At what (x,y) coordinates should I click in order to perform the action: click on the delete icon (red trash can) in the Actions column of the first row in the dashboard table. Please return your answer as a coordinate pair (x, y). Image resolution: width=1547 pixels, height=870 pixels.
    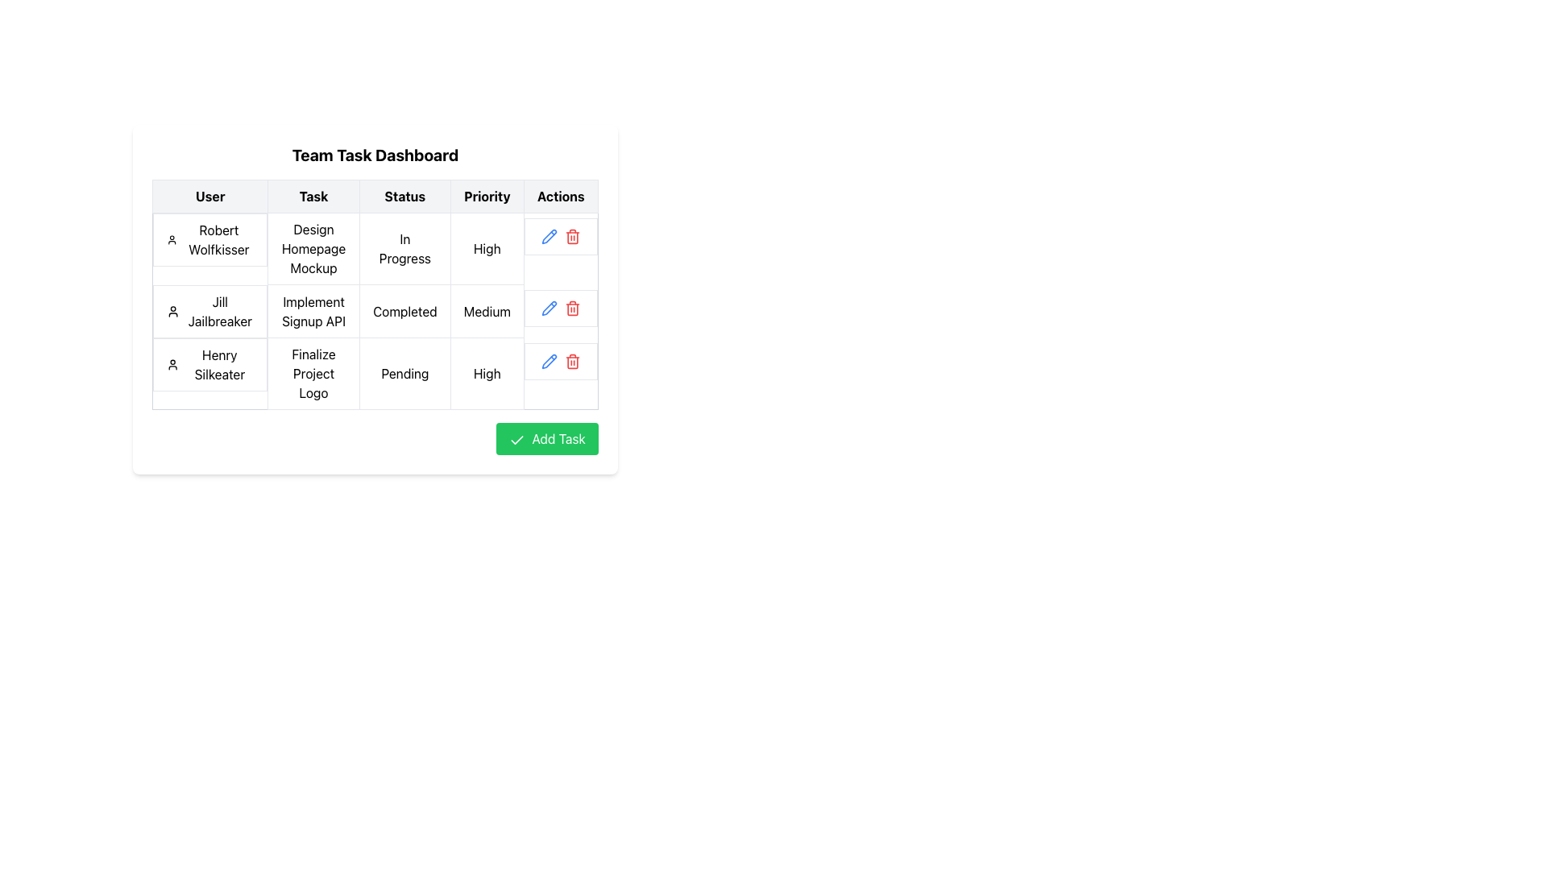
    Looking at the image, I should click on (561, 236).